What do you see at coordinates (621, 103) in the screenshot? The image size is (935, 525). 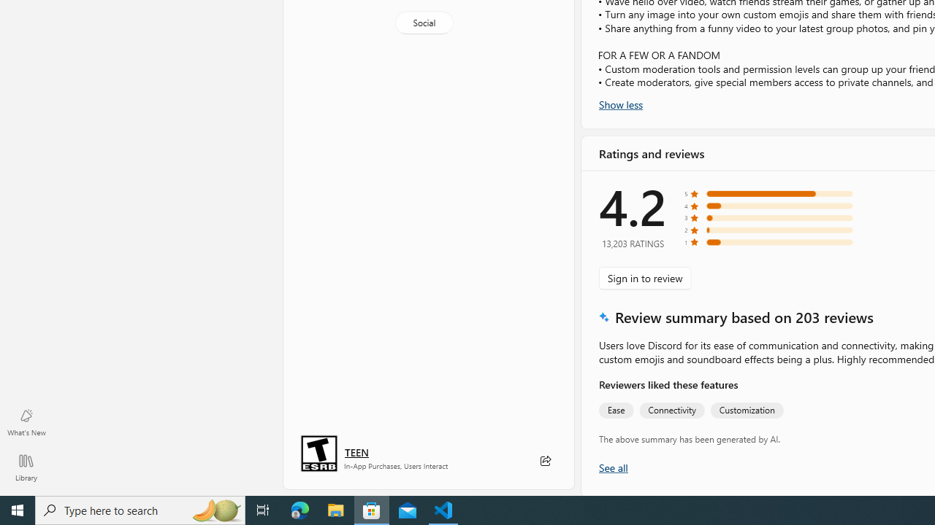 I see `'Show less'` at bounding box center [621, 103].